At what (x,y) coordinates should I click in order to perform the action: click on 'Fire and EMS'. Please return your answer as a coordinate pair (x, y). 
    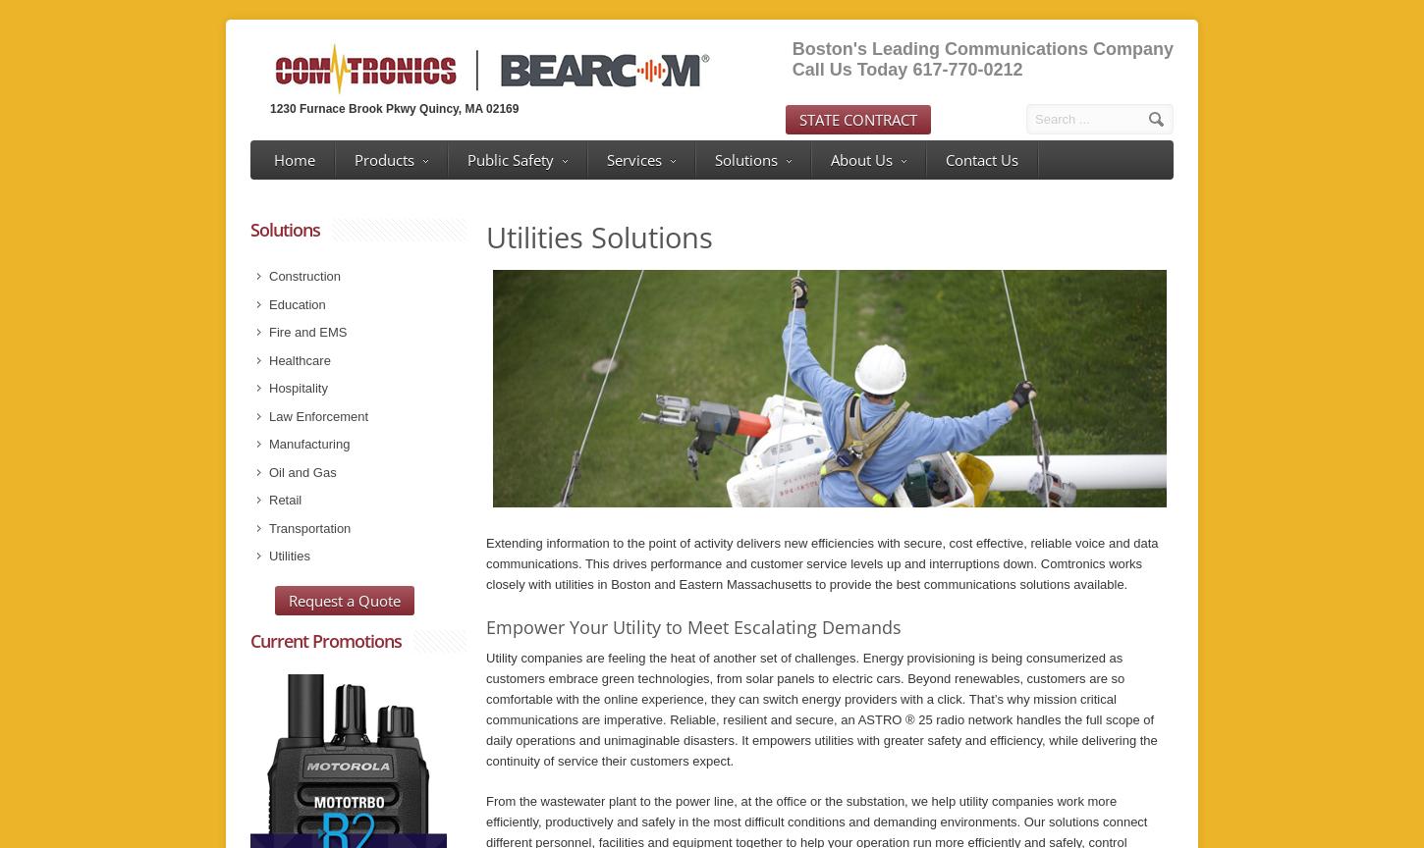
    Looking at the image, I should click on (269, 331).